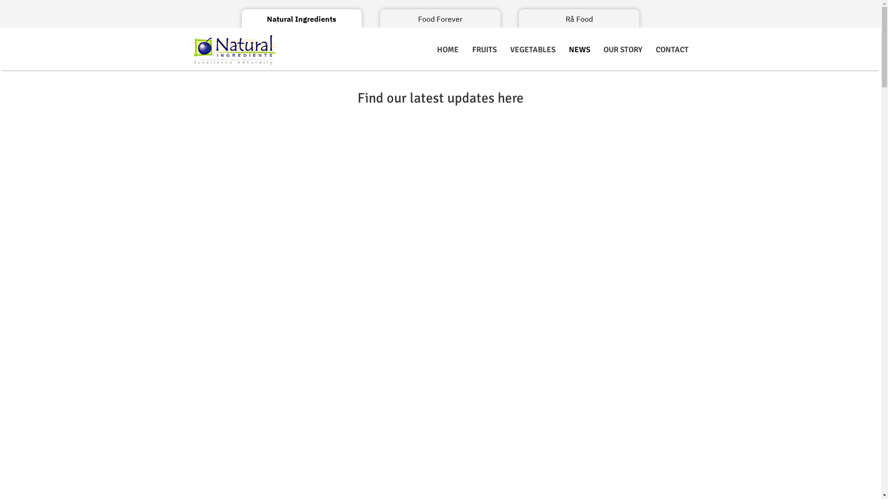 Image resolution: width=888 pixels, height=499 pixels. I want to click on 'FRUITS', so click(466, 50).